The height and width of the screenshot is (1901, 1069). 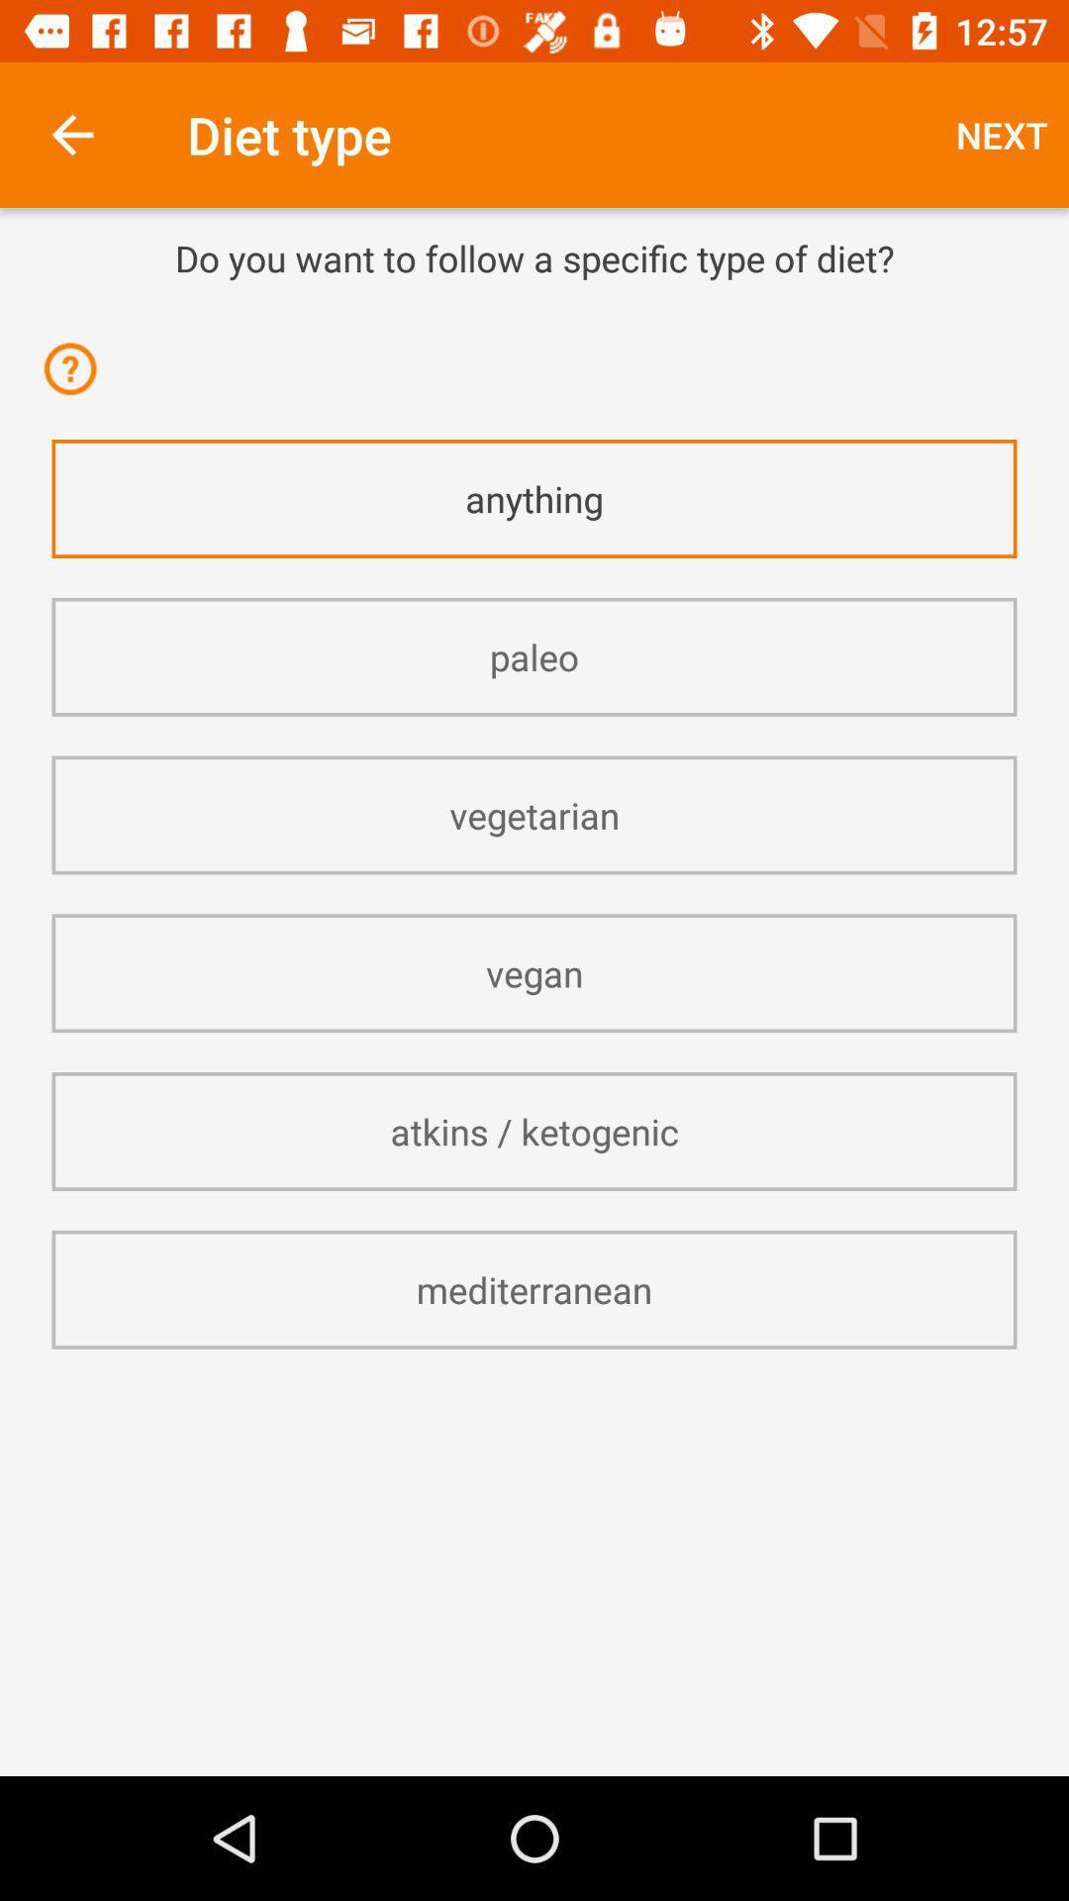 I want to click on the item above anything item, so click(x=75, y=381).